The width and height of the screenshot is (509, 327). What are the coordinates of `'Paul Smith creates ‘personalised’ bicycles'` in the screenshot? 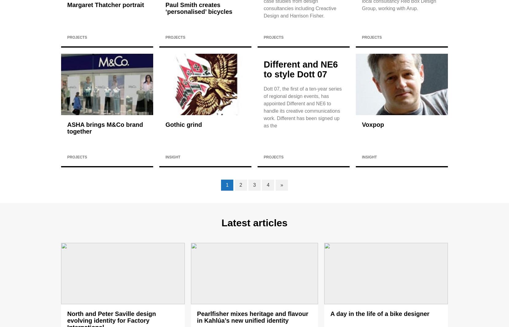 It's located at (165, 8).